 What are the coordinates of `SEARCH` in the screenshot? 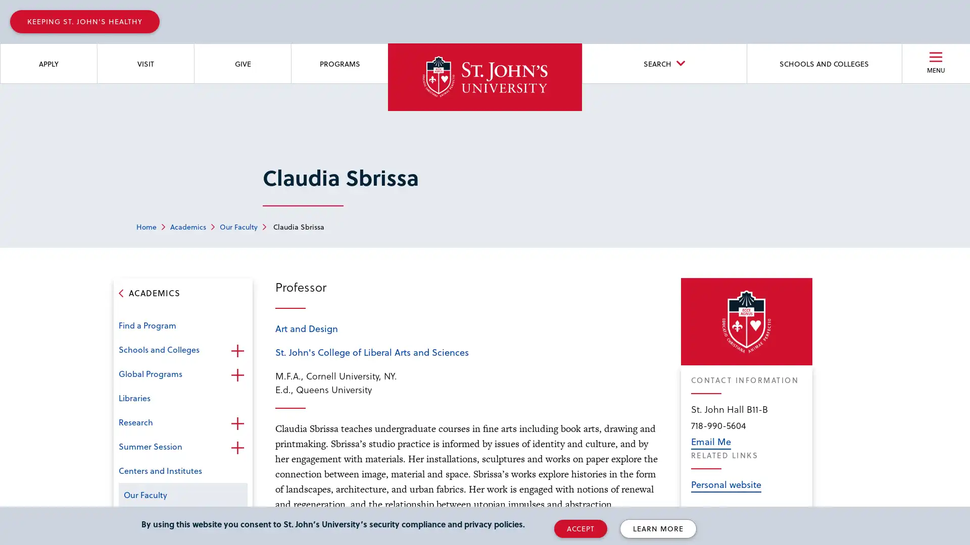 It's located at (664, 64).